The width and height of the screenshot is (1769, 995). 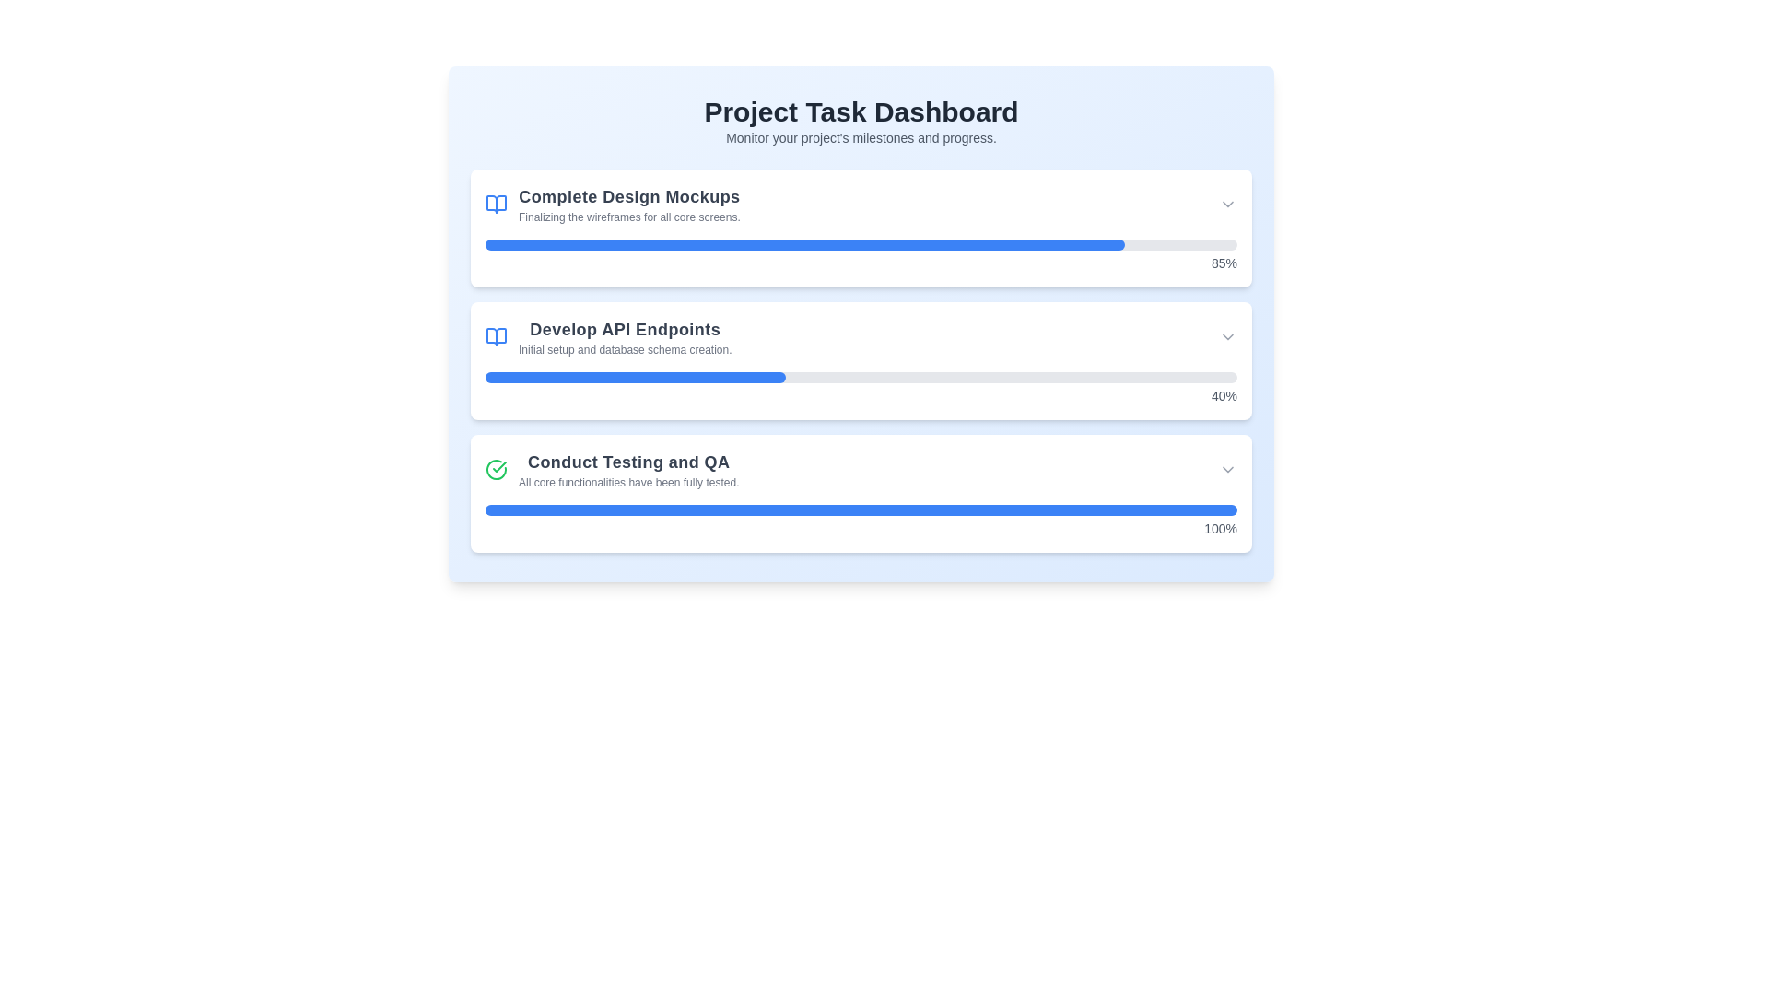 I want to click on the visual indicator icon that signifies the successful completion of the task 'Conduct Testing and QA' in the vertical task list on the dashboard interface, so click(x=496, y=468).